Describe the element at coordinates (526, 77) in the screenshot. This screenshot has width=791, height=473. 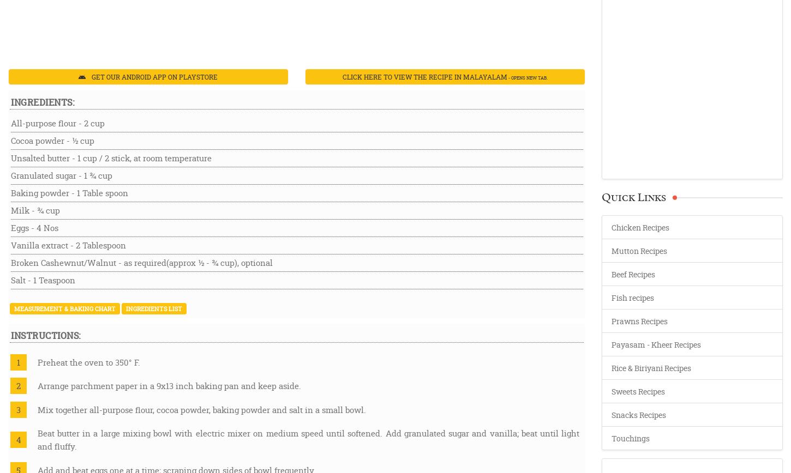
I see `'- Opens new tab.'` at that location.